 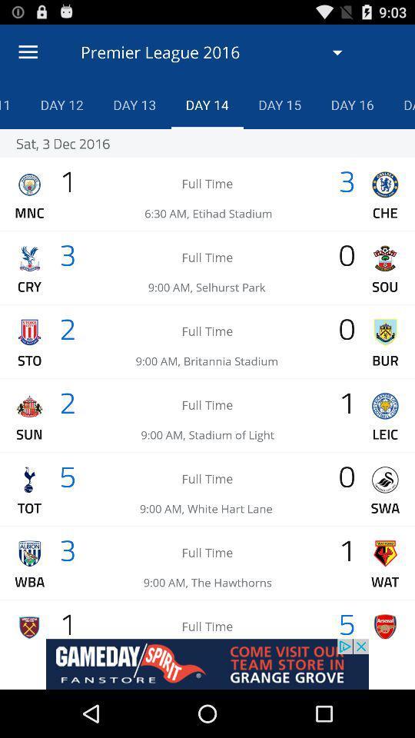 I want to click on option, so click(x=207, y=663).